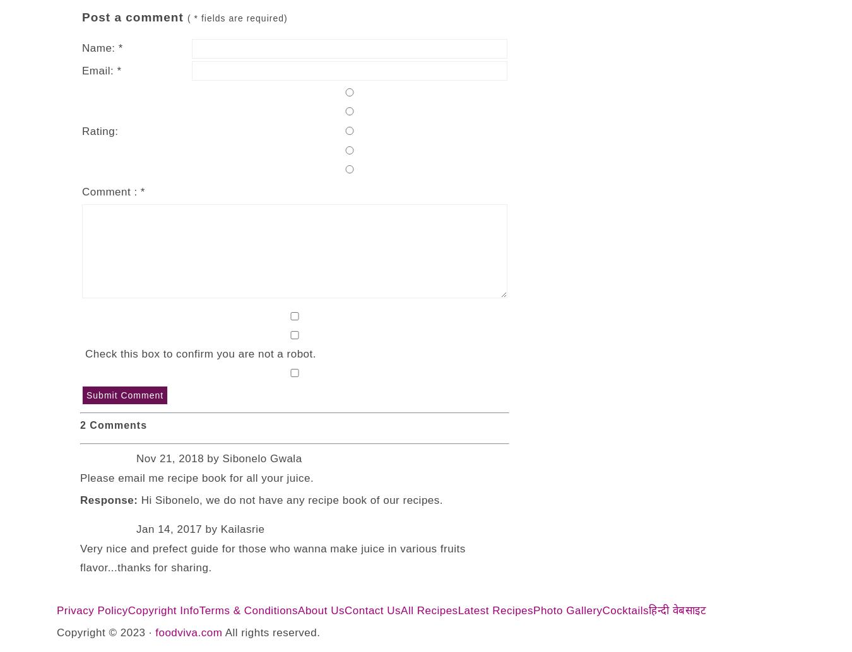  Describe the element at coordinates (428, 609) in the screenshot. I see `'All Recipes'` at that location.